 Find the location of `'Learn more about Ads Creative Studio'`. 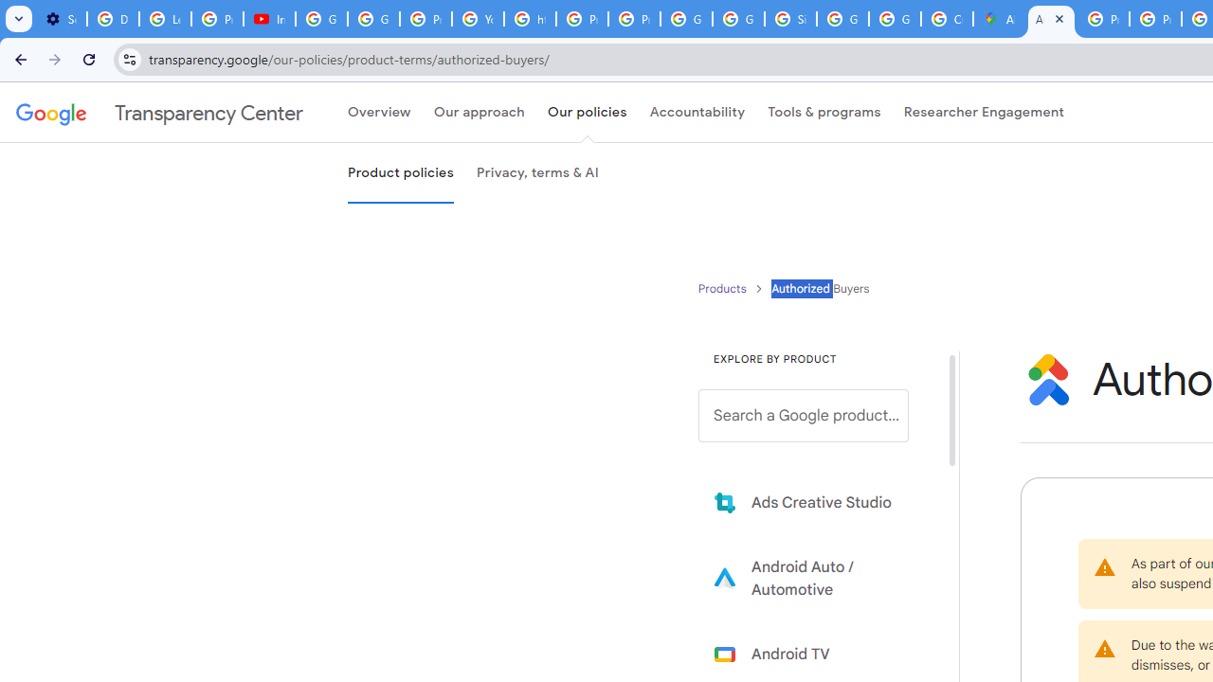

'Learn more about Ads Creative Studio' is located at coordinates (817, 502).